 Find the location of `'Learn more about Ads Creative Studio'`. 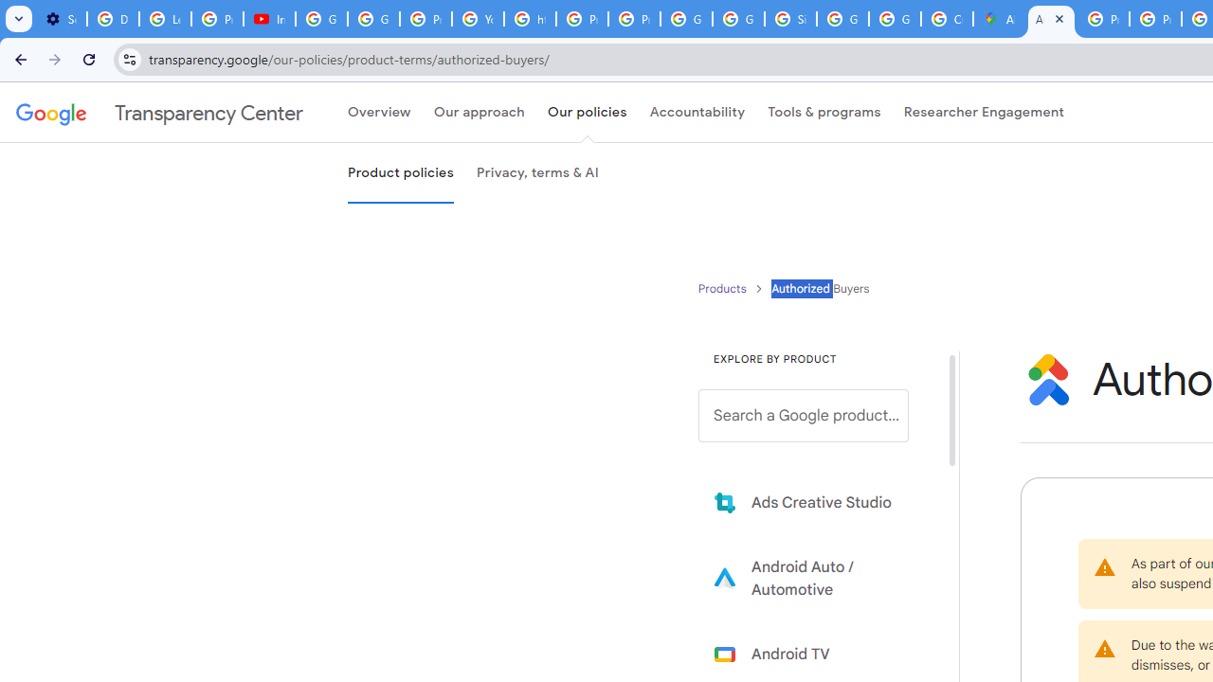

'Learn more about Ads Creative Studio' is located at coordinates (817, 502).